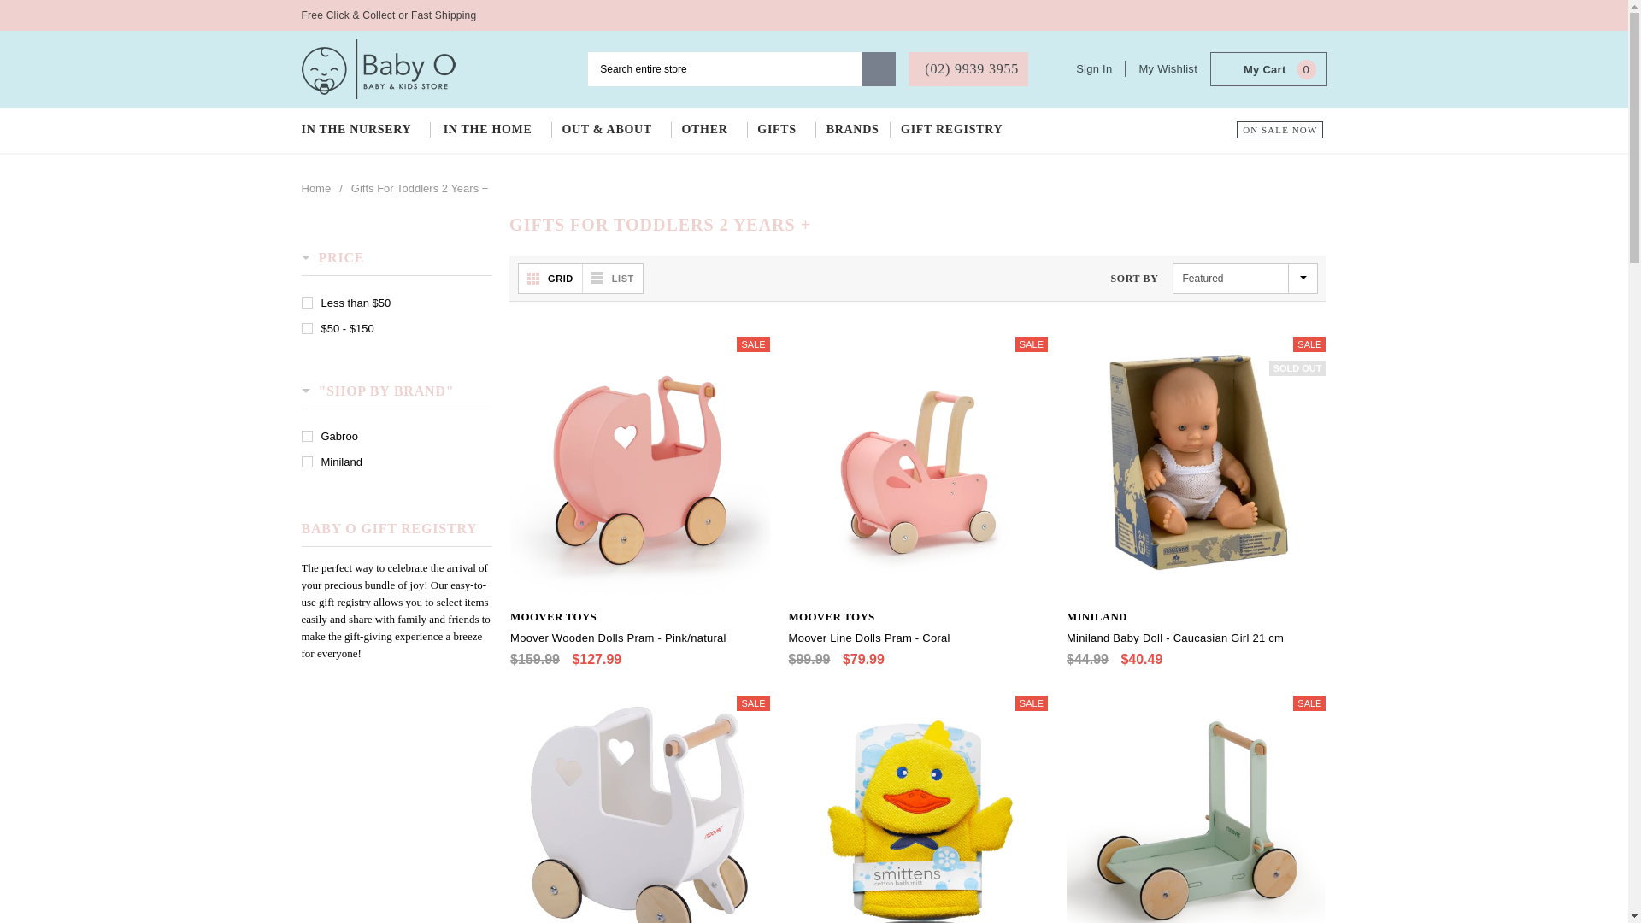  What do you see at coordinates (364, 129) in the screenshot?
I see `'IN THE NURSERY'` at bounding box center [364, 129].